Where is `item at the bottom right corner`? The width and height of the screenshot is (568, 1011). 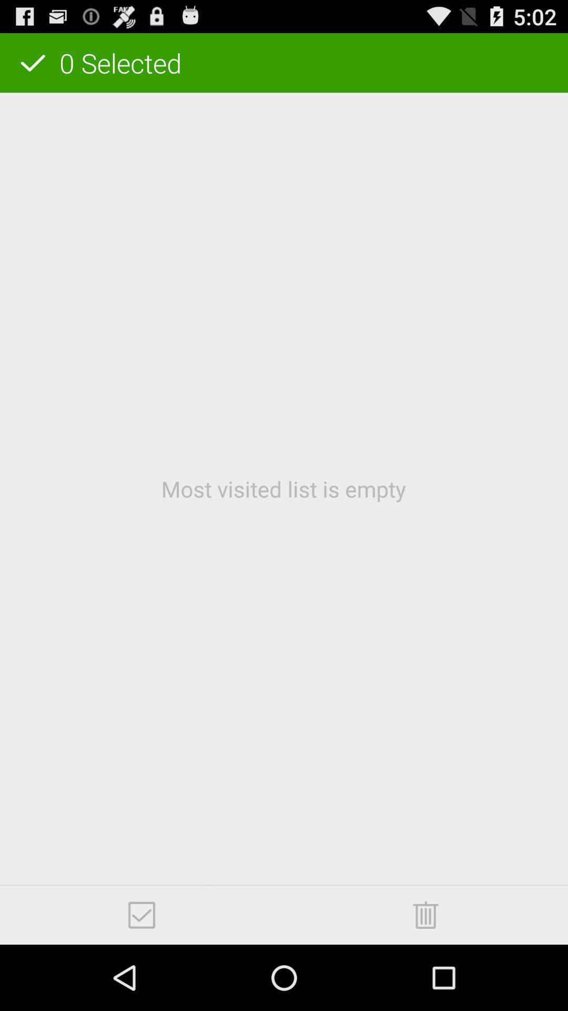
item at the bottom right corner is located at coordinates (425, 914).